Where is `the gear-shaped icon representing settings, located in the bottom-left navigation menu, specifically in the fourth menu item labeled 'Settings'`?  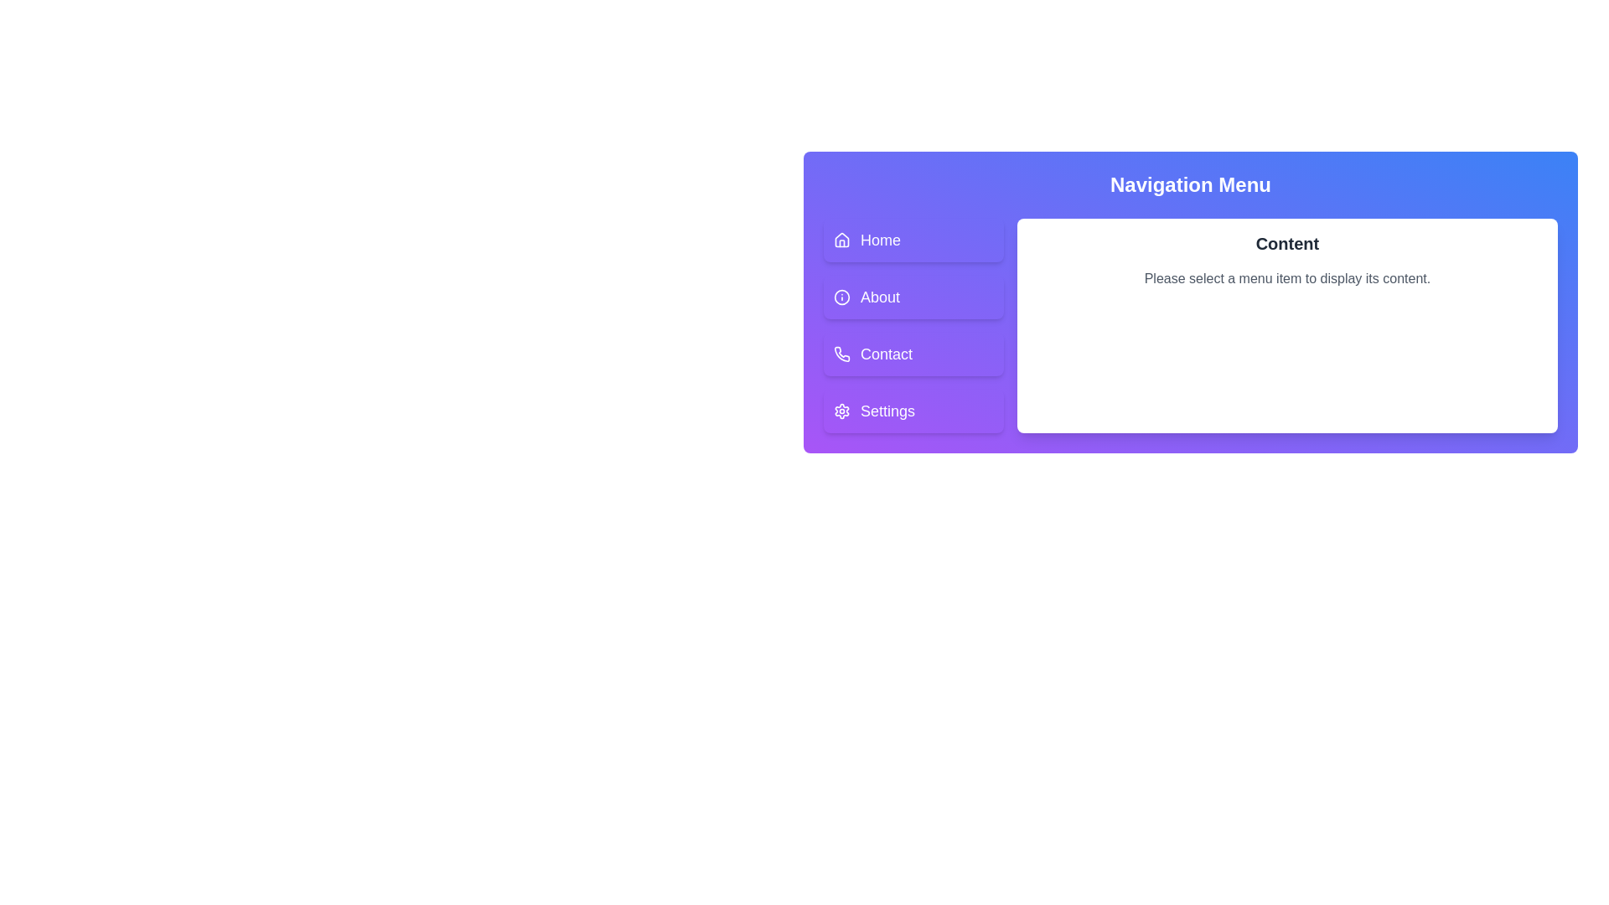 the gear-shaped icon representing settings, located in the bottom-left navigation menu, specifically in the fourth menu item labeled 'Settings' is located at coordinates (841, 411).